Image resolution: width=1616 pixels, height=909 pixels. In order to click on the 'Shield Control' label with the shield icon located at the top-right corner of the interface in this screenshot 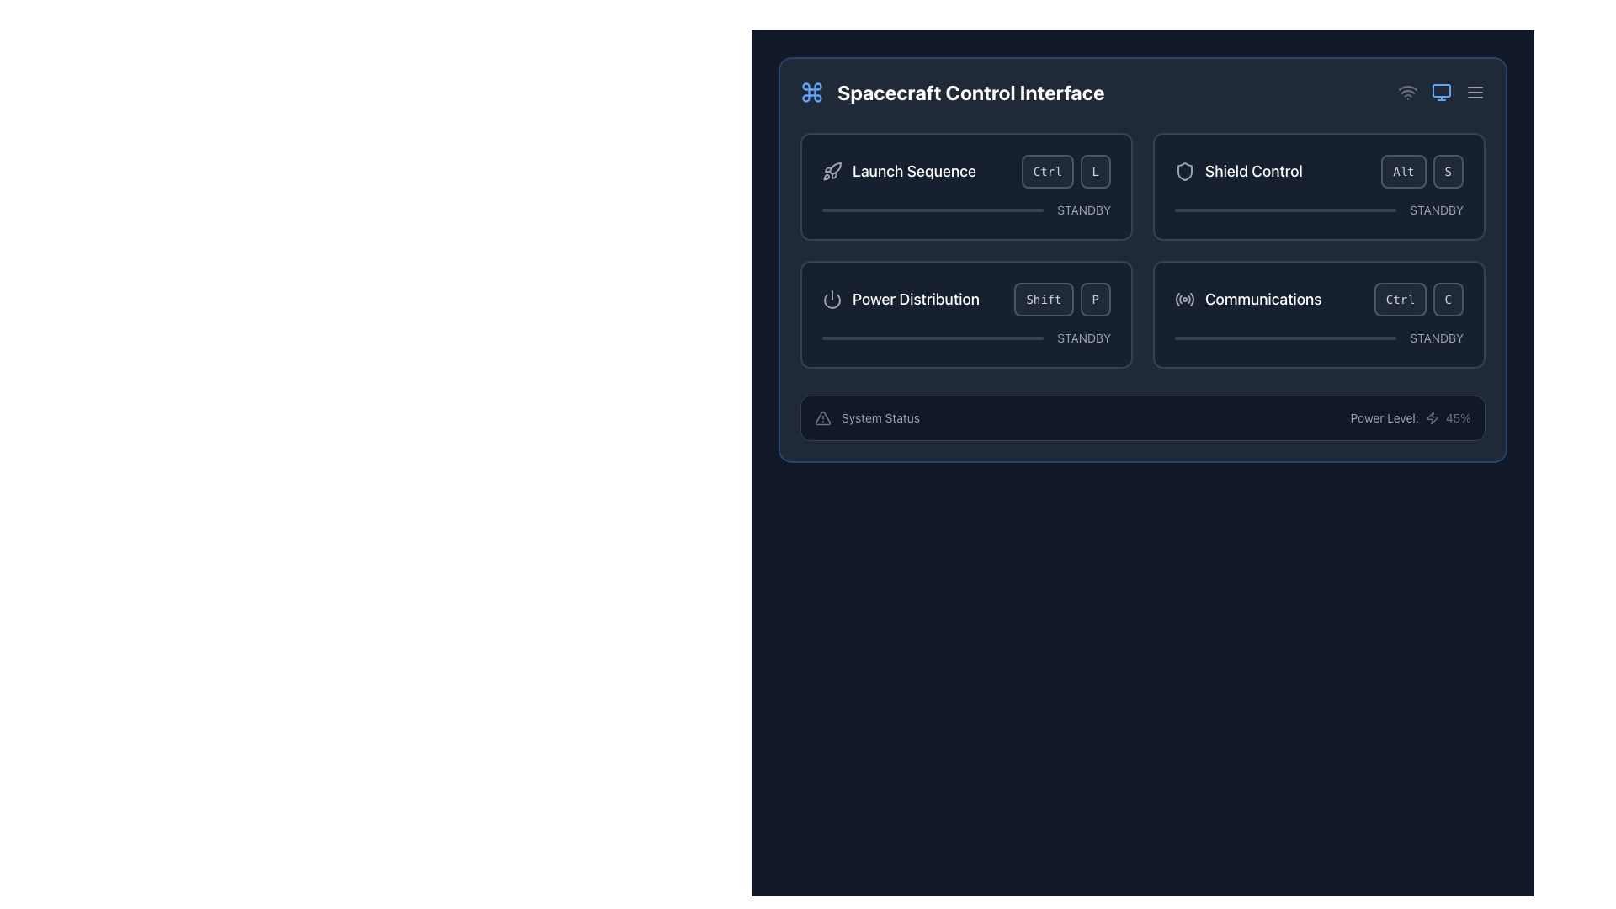, I will do `click(1238, 172)`.